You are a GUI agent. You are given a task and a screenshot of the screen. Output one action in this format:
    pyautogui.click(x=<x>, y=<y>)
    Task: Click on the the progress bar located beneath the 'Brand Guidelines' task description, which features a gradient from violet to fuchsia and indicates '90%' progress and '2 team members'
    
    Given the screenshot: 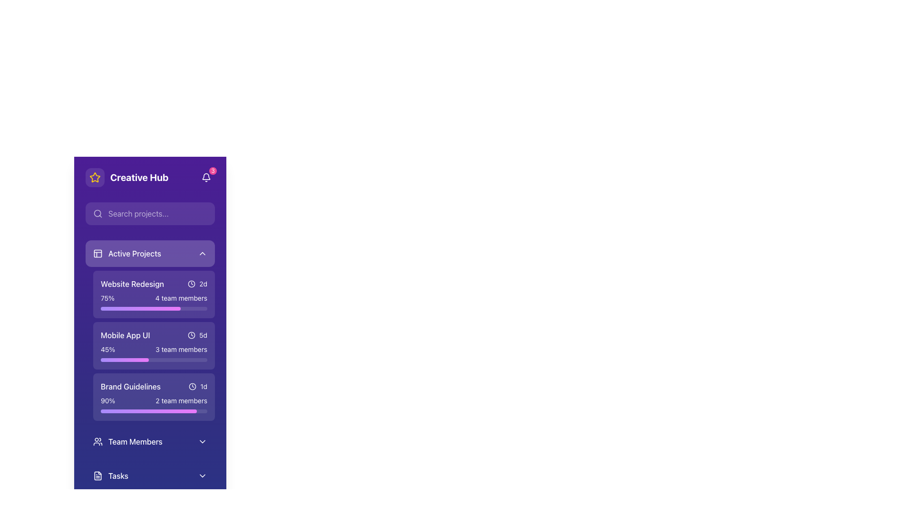 What is the action you would take?
    pyautogui.click(x=154, y=411)
    